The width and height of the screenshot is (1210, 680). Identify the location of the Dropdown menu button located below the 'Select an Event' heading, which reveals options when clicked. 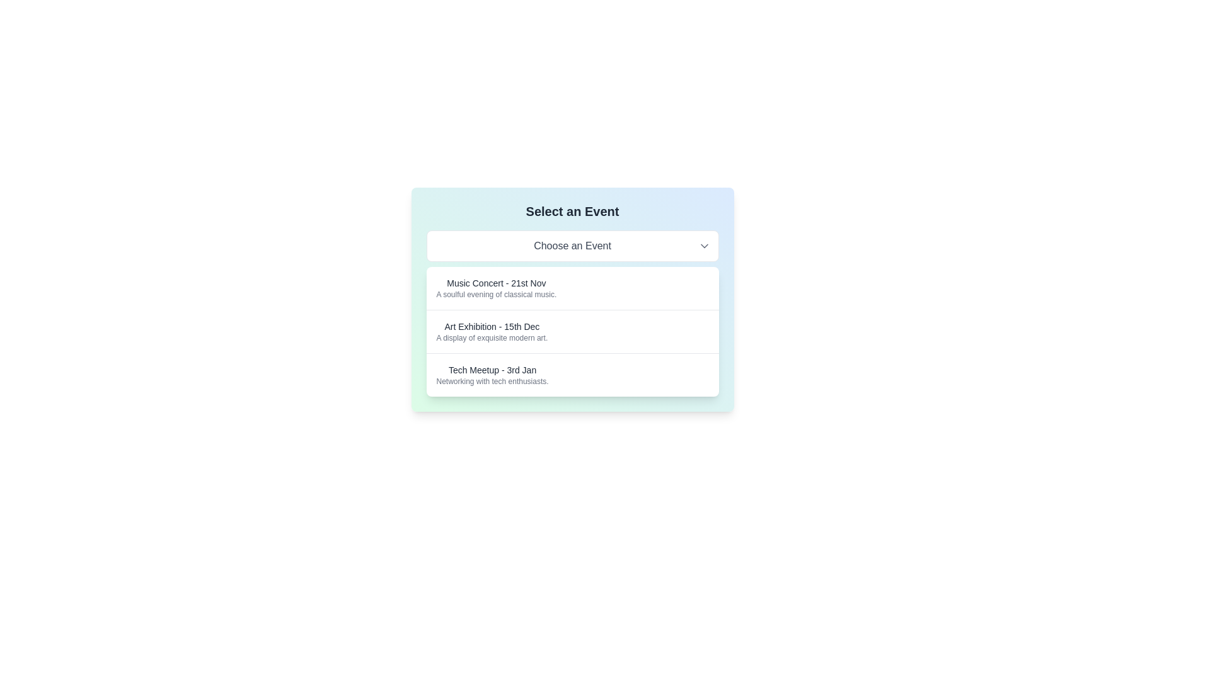
(572, 246).